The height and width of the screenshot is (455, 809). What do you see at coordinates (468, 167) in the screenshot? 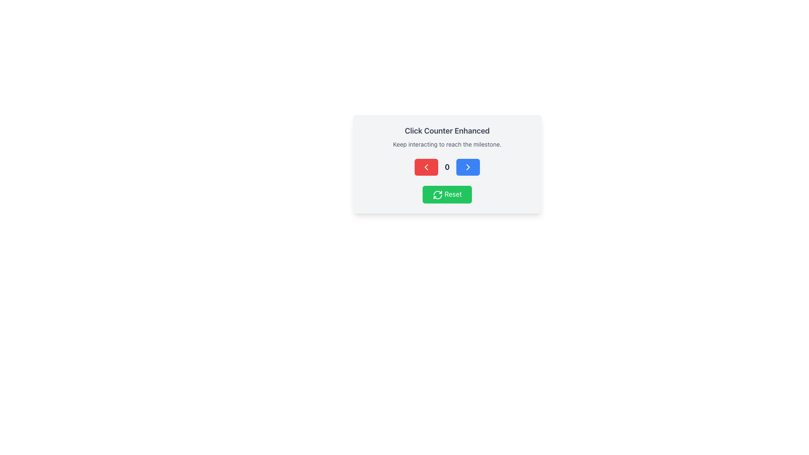
I see `the increment button located to the right of the central numeric display to change its appearance` at bounding box center [468, 167].